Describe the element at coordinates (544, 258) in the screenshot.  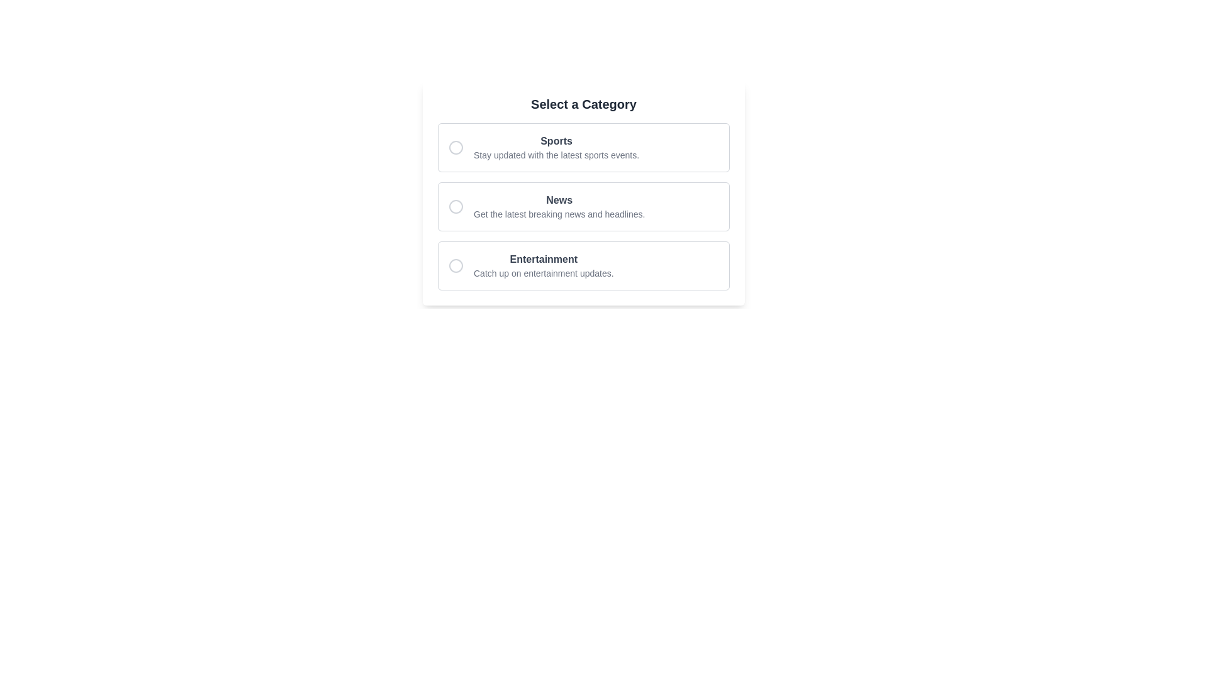
I see `the 'Entertainment' label in the third category box under 'Select a Category'` at that location.